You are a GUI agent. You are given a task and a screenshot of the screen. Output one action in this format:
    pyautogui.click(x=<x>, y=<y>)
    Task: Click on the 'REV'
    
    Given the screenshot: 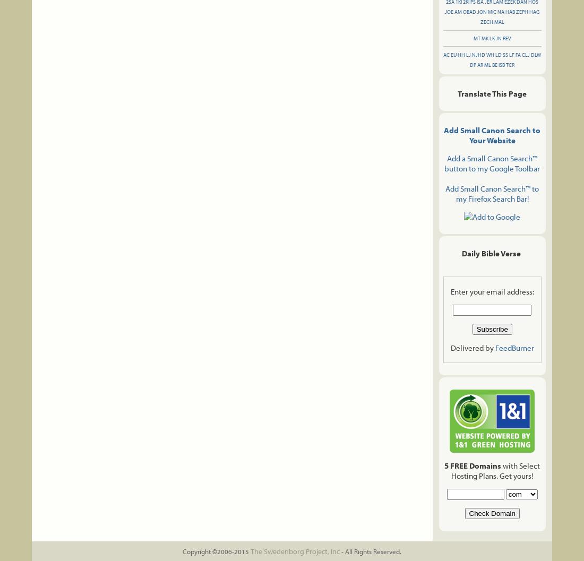 What is the action you would take?
    pyautogui.click(x=502, y=38)
    